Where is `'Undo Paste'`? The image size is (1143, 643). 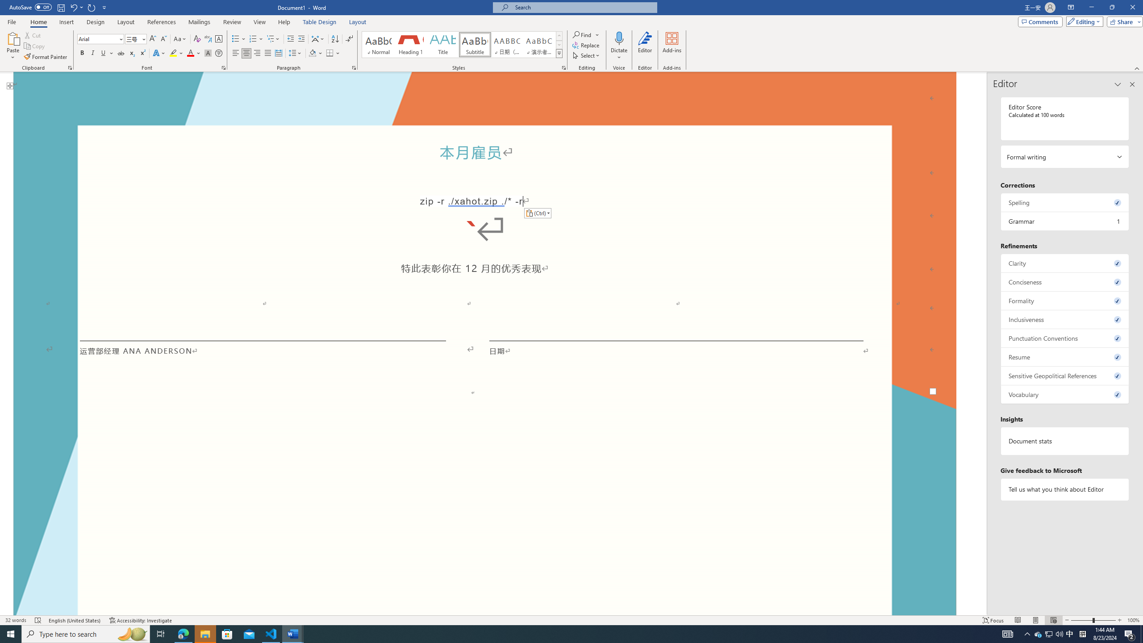
'Undo Paste' is located at coordinates (76, 7).